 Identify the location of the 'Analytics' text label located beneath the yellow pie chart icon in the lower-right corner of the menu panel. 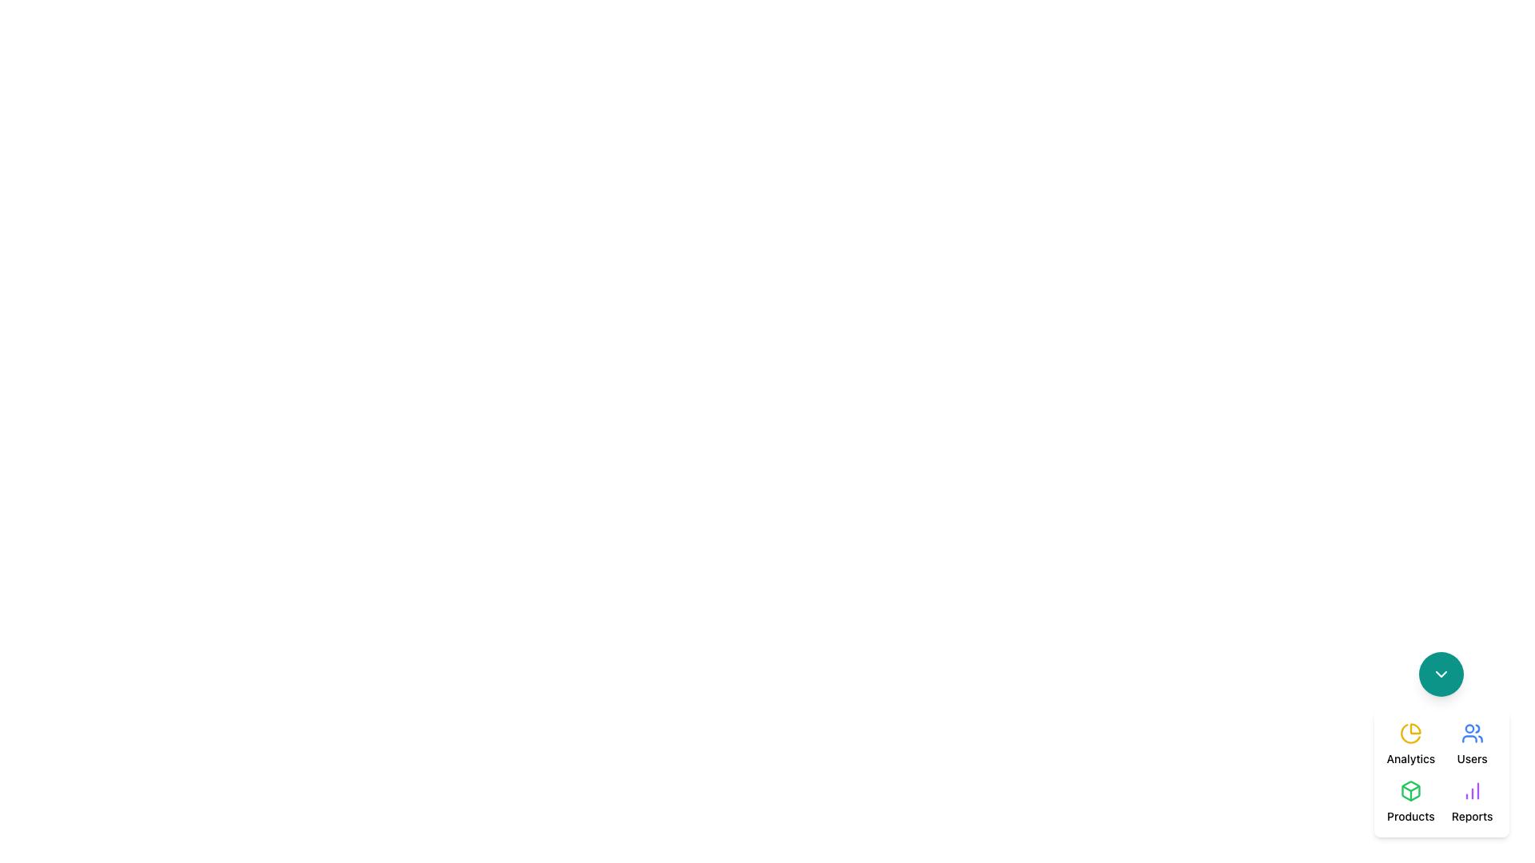
(1411, 758).